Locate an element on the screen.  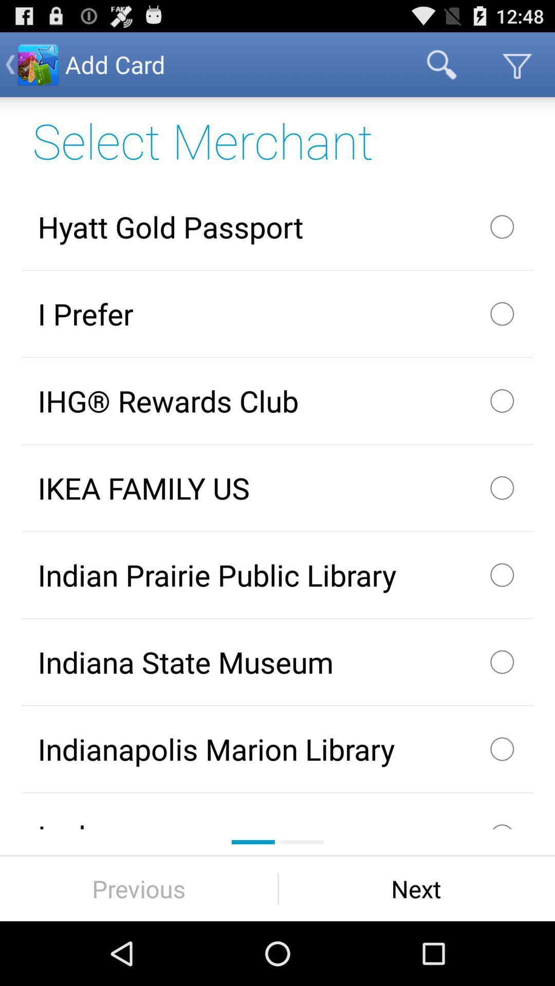
the checkbox above ikea family us item is located at coordinates (277, 400).